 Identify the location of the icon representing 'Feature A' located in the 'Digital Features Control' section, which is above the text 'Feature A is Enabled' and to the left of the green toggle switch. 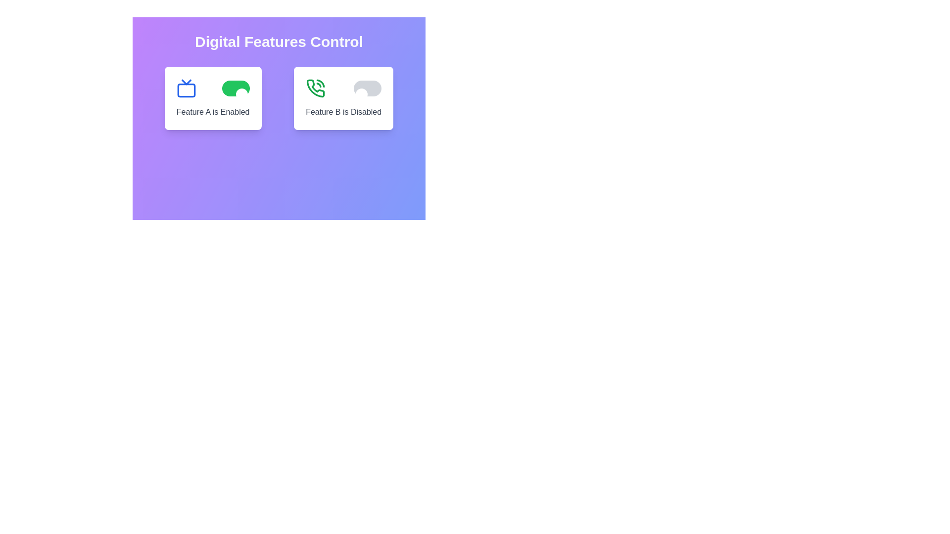
(186, 88).